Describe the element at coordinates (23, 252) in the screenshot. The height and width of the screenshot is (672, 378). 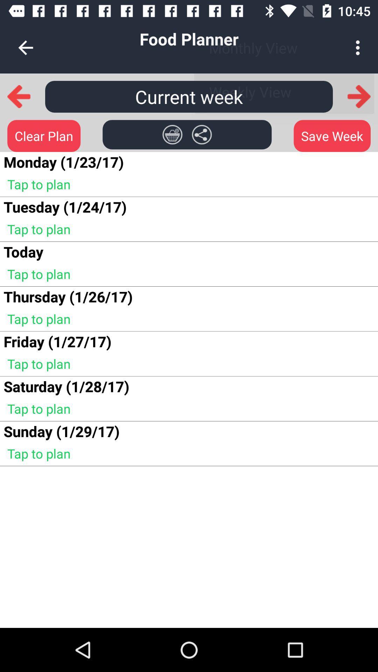
I see `the today app` at that location.